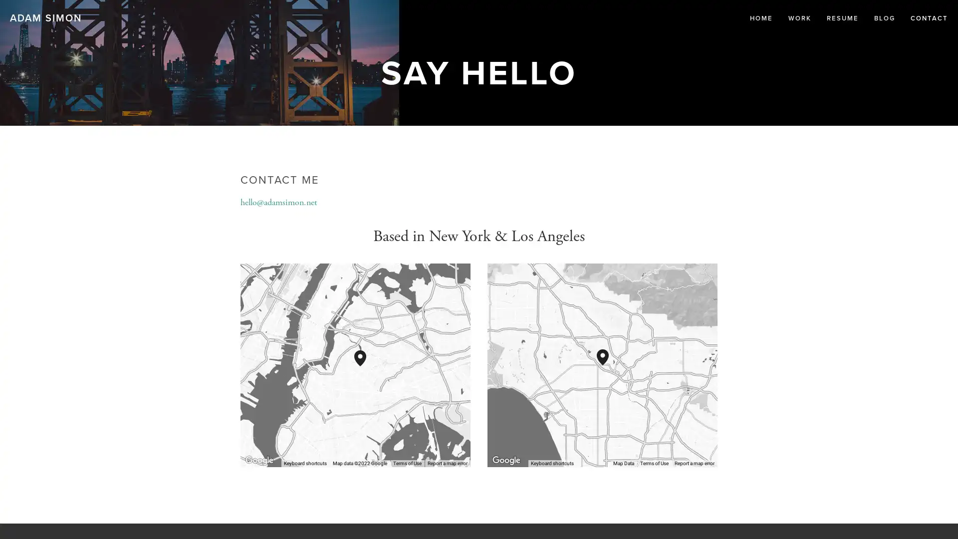 The height and width of the screenshot is (539, 958). I want to click on Keyboard shortcuts, so click(304, 463).